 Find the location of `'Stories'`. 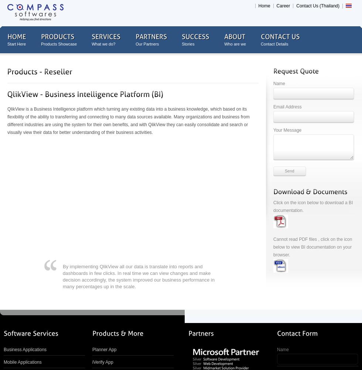

'Stories' is located at coordinates (188, 44).